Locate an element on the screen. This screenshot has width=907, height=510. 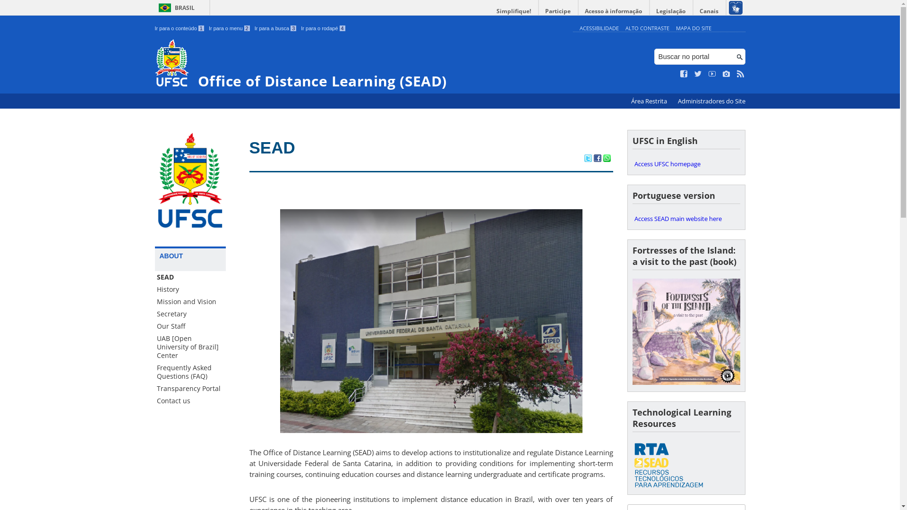
'Access SEAD main website here' is located at coordinates (632, 218).